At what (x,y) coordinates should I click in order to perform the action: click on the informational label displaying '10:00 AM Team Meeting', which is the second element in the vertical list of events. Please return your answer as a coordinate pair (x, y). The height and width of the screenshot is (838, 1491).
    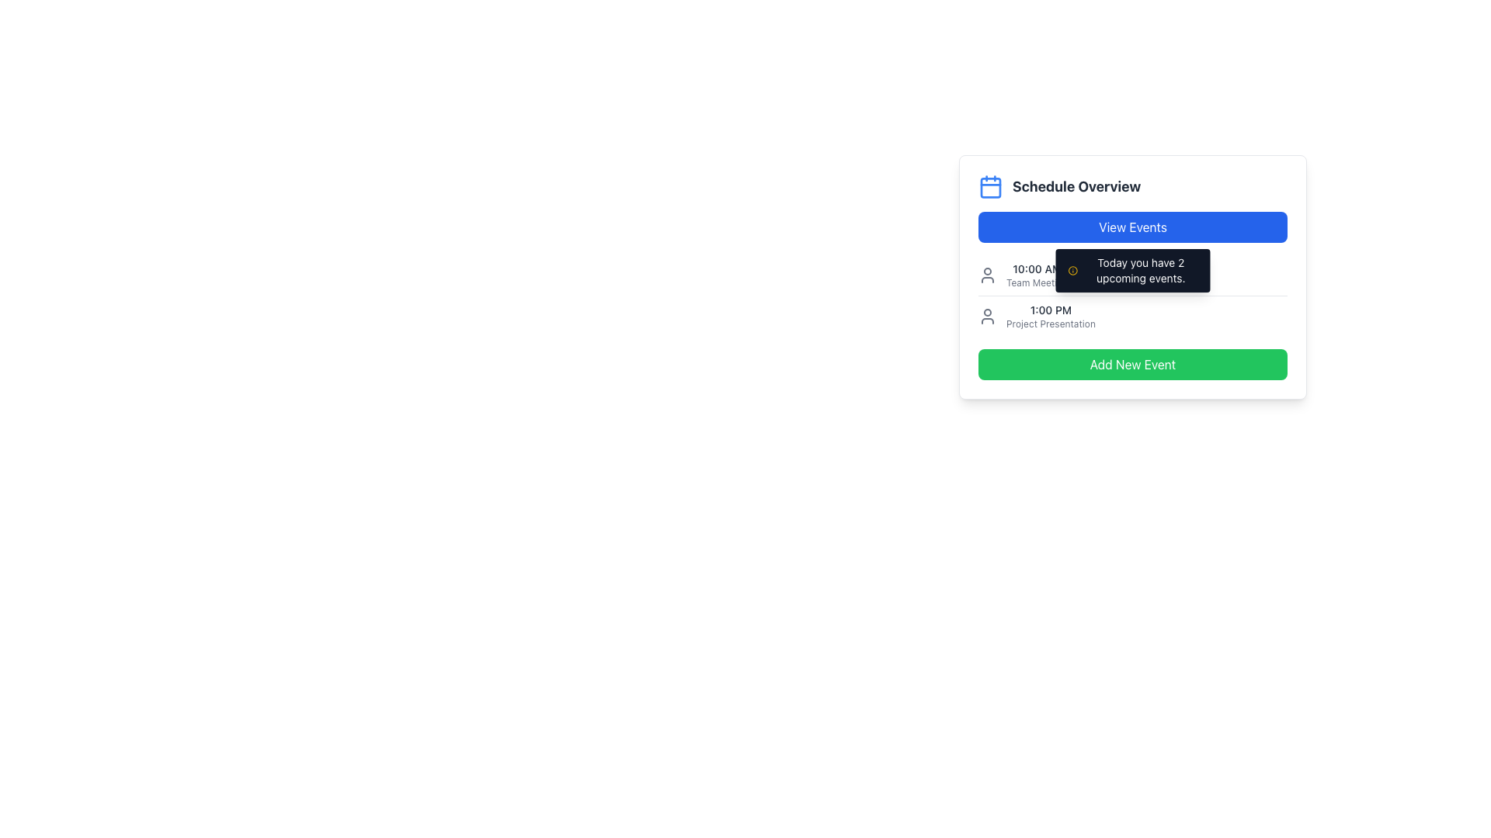
    Looking at the image, I should click on (1037, 274).